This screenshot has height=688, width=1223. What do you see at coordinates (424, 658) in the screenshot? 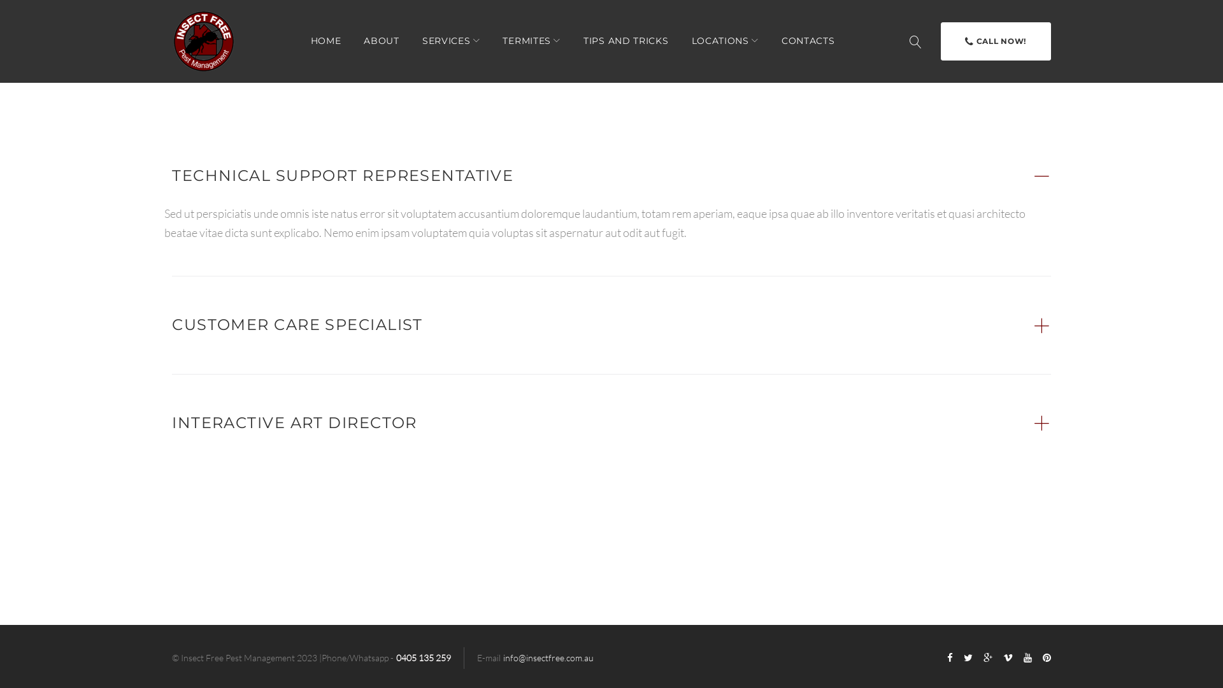
I see `'0405 135 259'` at bounding box center [424, 658].